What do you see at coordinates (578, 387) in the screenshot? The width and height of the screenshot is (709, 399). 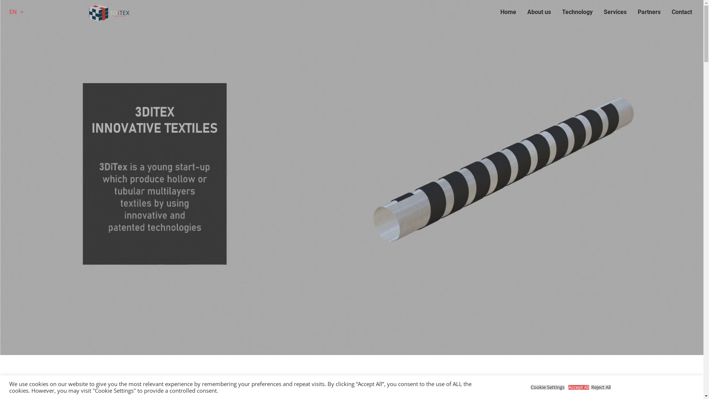 I see `'Accept All'` at bounding box center [578, 387].